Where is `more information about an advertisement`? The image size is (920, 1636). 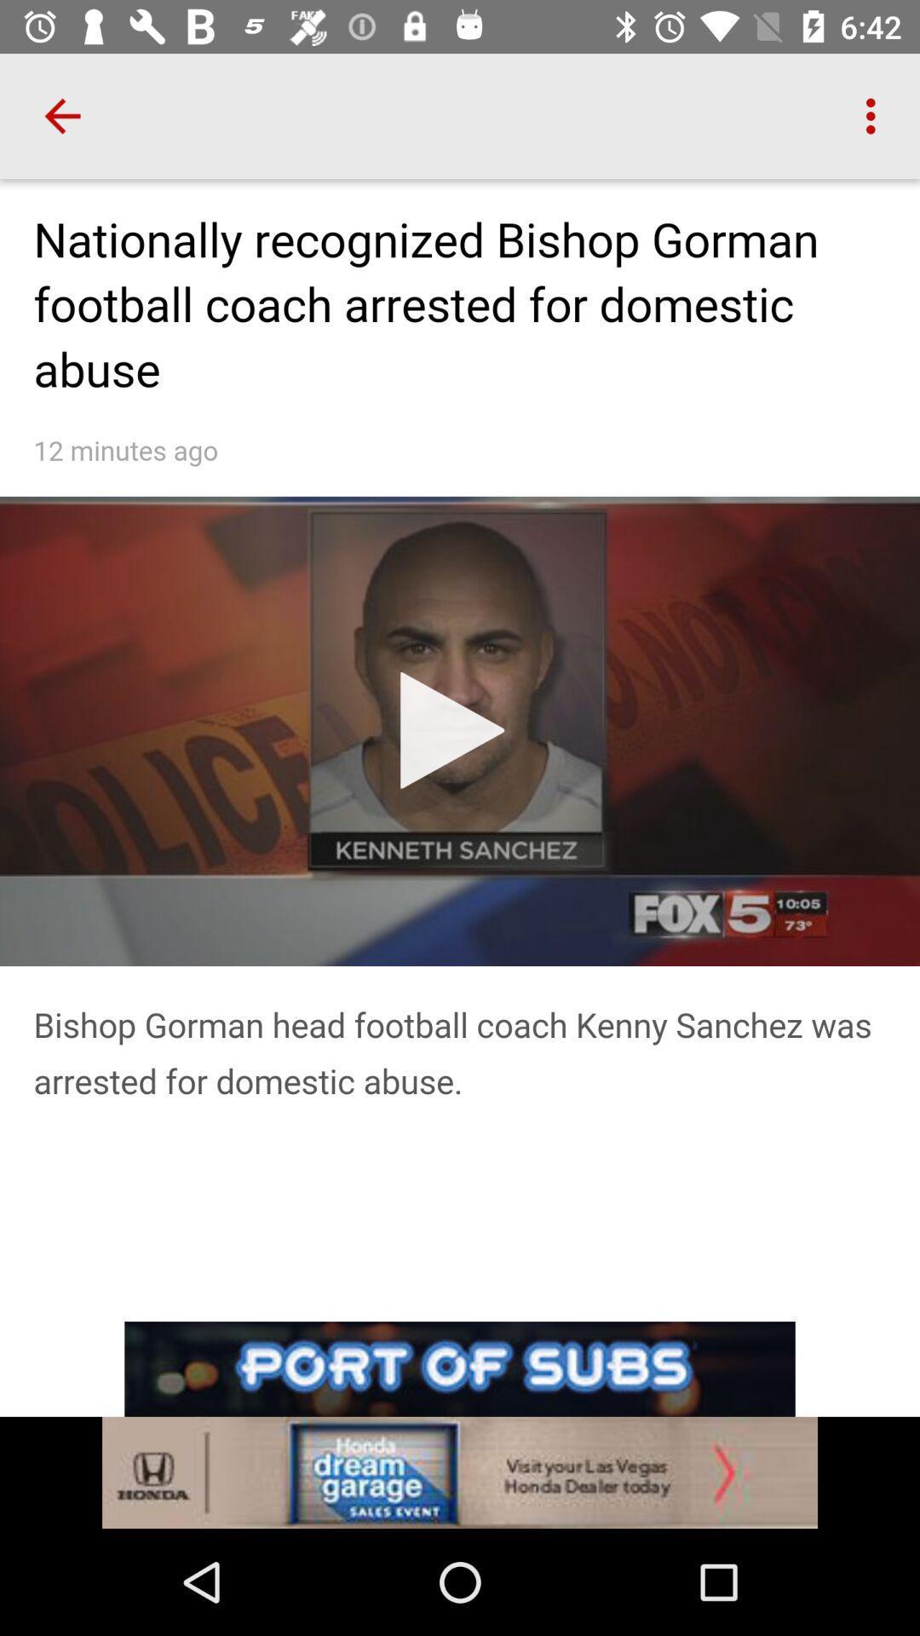
more information about an advertisement is located at coordinates (460, 1472).